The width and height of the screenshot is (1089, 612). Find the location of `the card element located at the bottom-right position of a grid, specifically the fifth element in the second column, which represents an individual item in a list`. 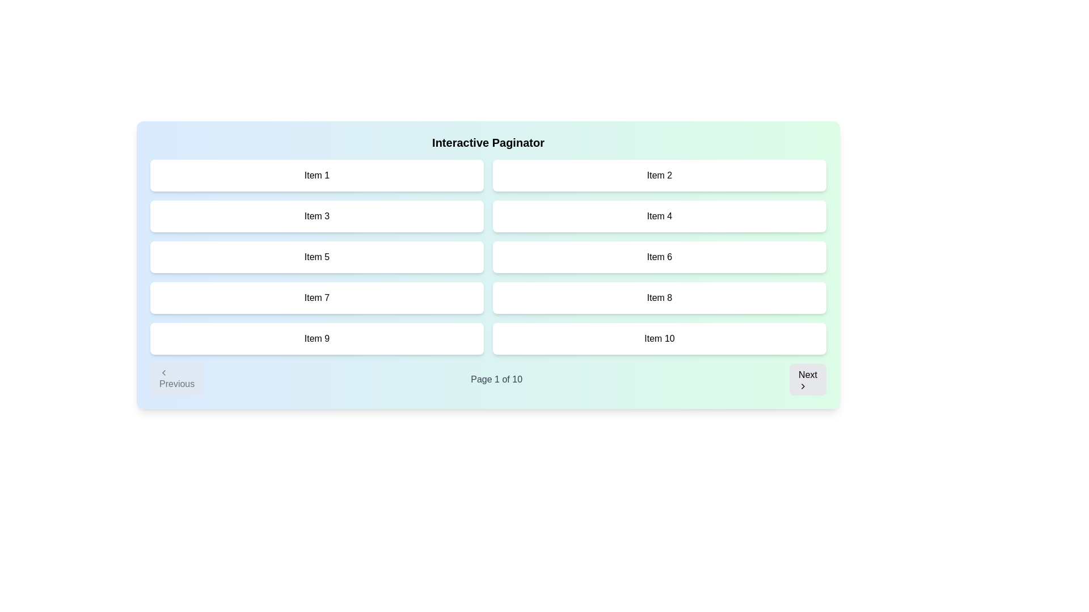

the card element located at the bottom-right position of a grid, specifically the fifth element in the second column, which represents an individual item in a list is located at coordinates (659, 338).